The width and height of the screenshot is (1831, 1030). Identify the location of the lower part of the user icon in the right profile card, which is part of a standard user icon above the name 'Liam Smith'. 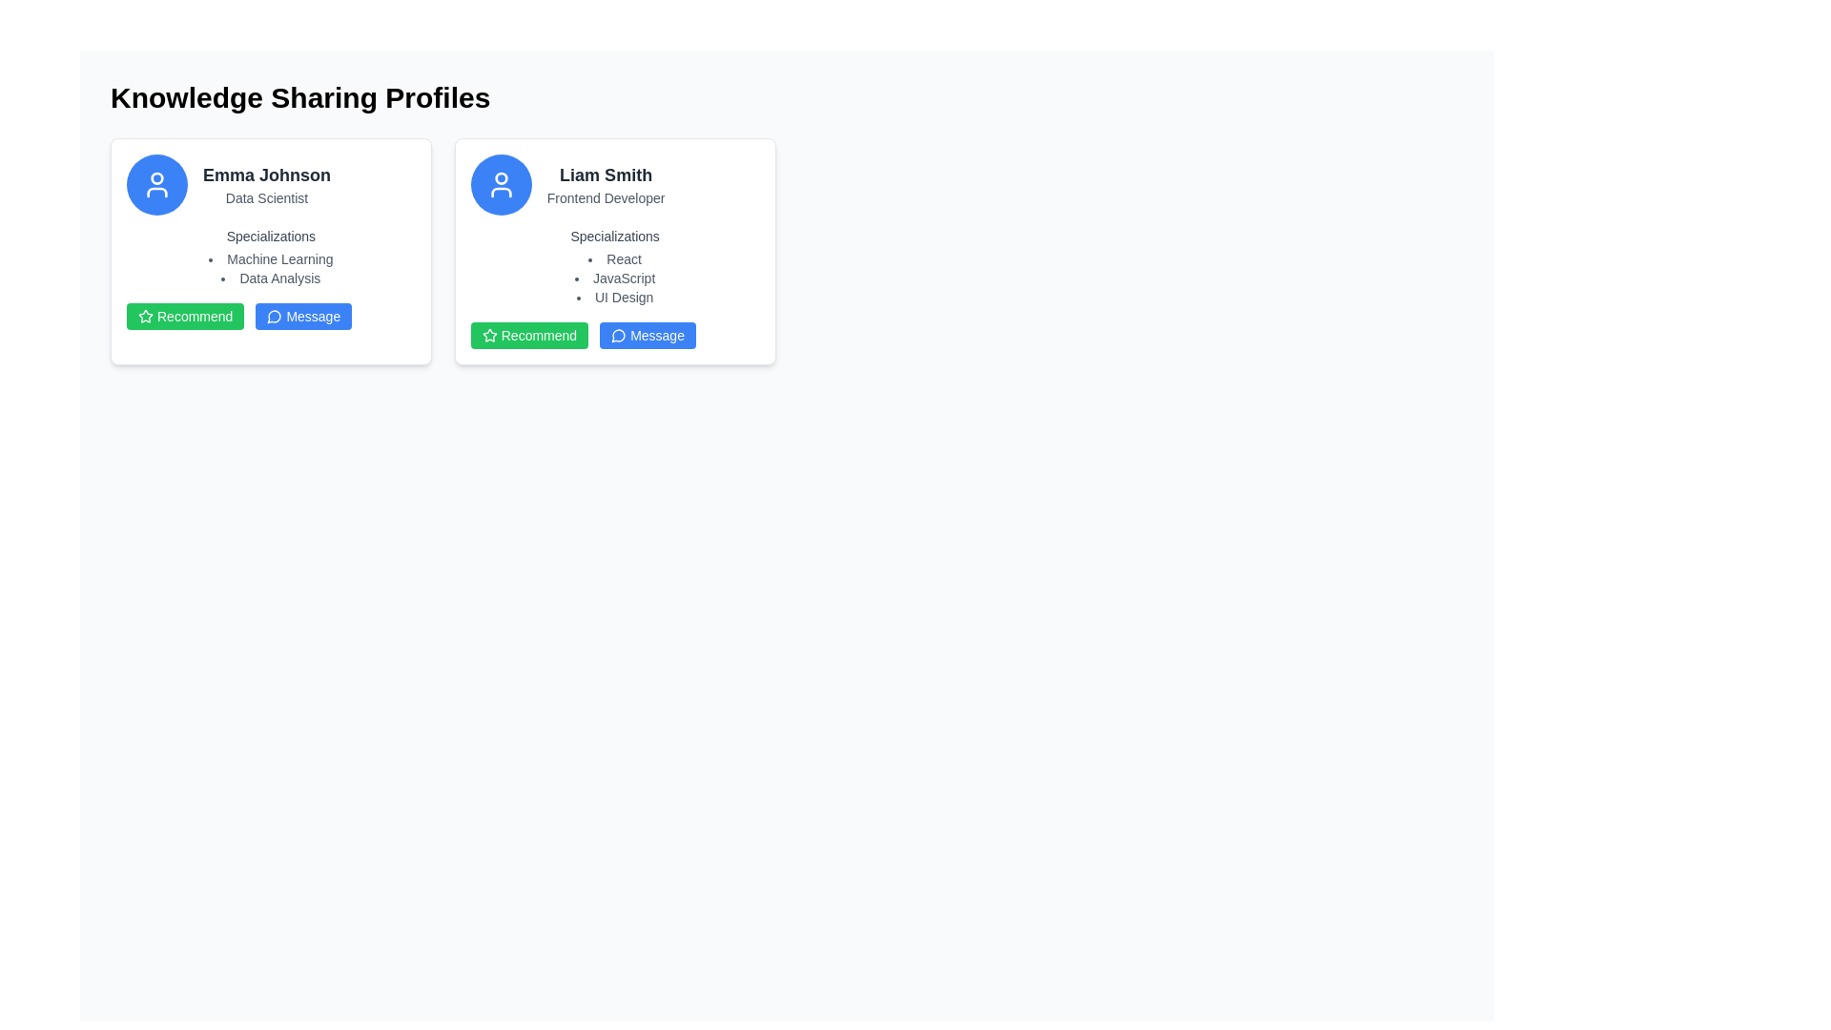
(501, 192).